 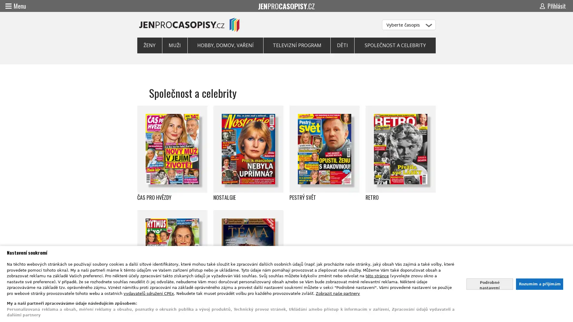 What do you see at coordinates (539, 284) in the screenshot?
I see `Souhlasit s nasim zpracovanim udaju a zavrit` at bounding box center [539, 284].